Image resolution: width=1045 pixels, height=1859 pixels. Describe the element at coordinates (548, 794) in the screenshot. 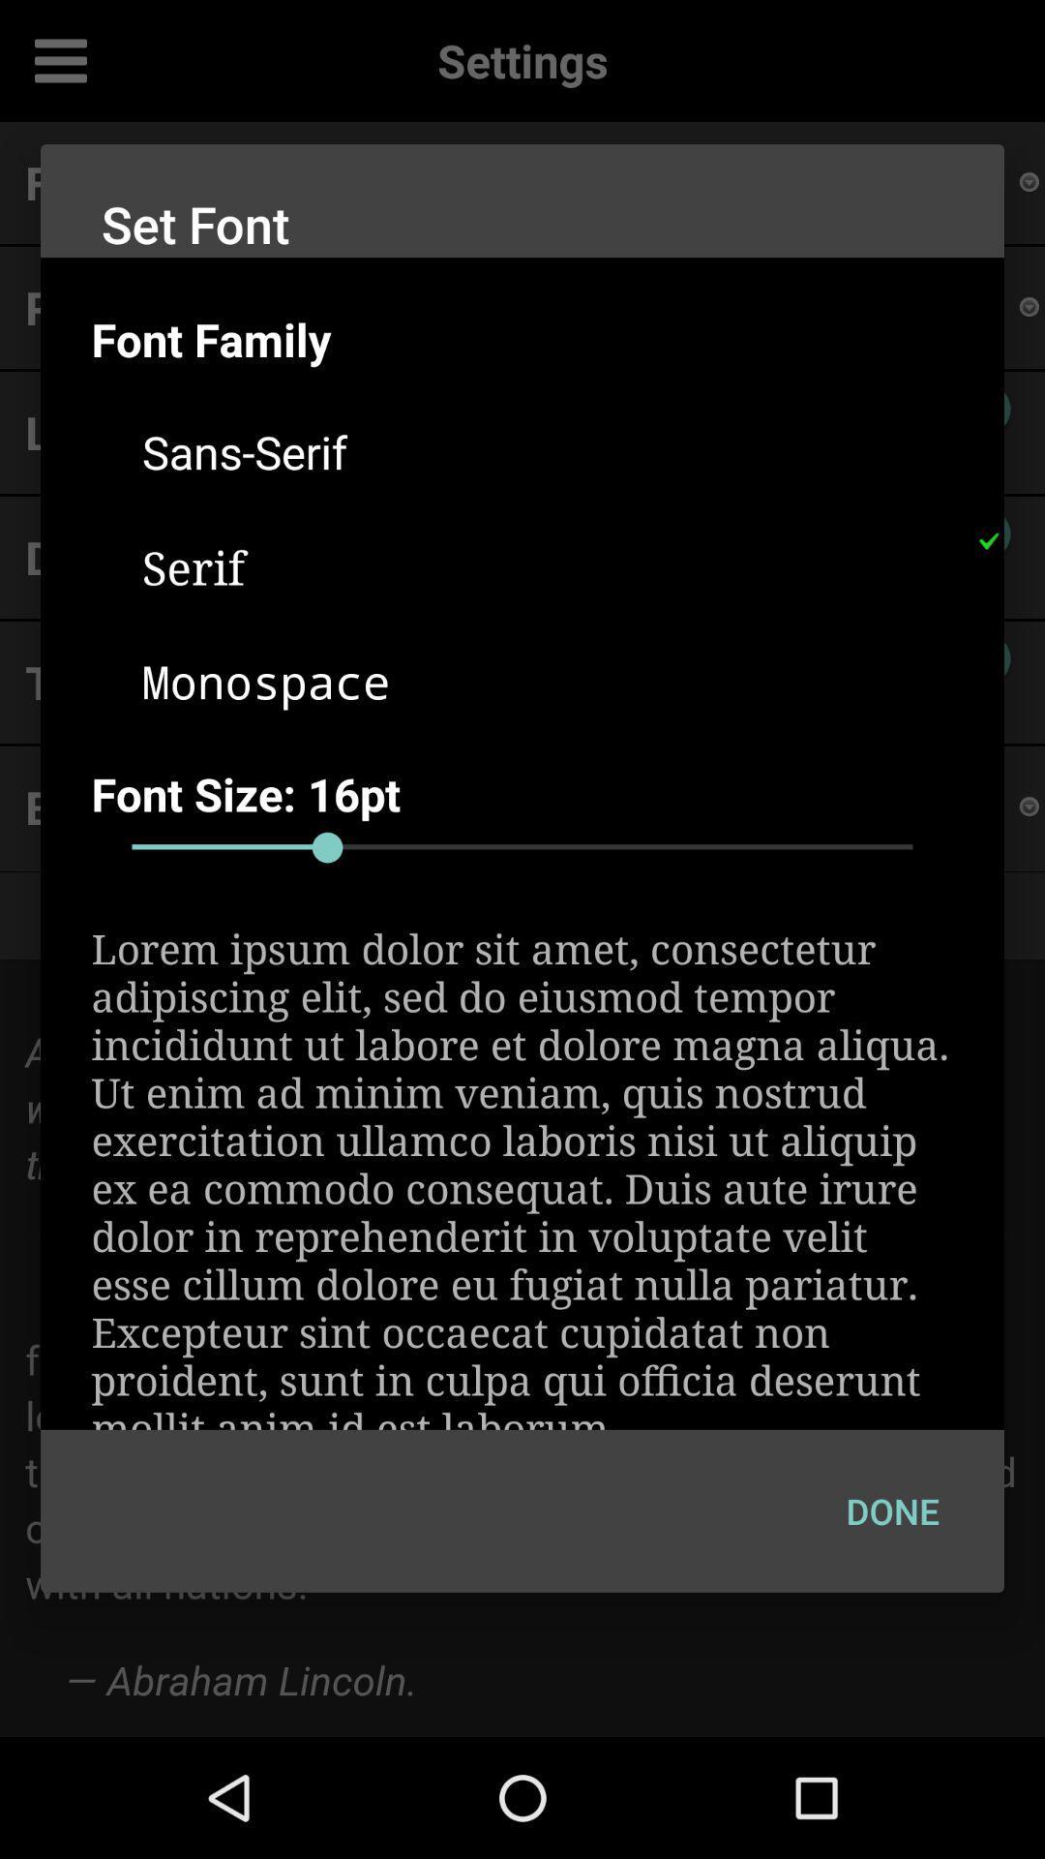

I see `font size: 16pt` at that location.